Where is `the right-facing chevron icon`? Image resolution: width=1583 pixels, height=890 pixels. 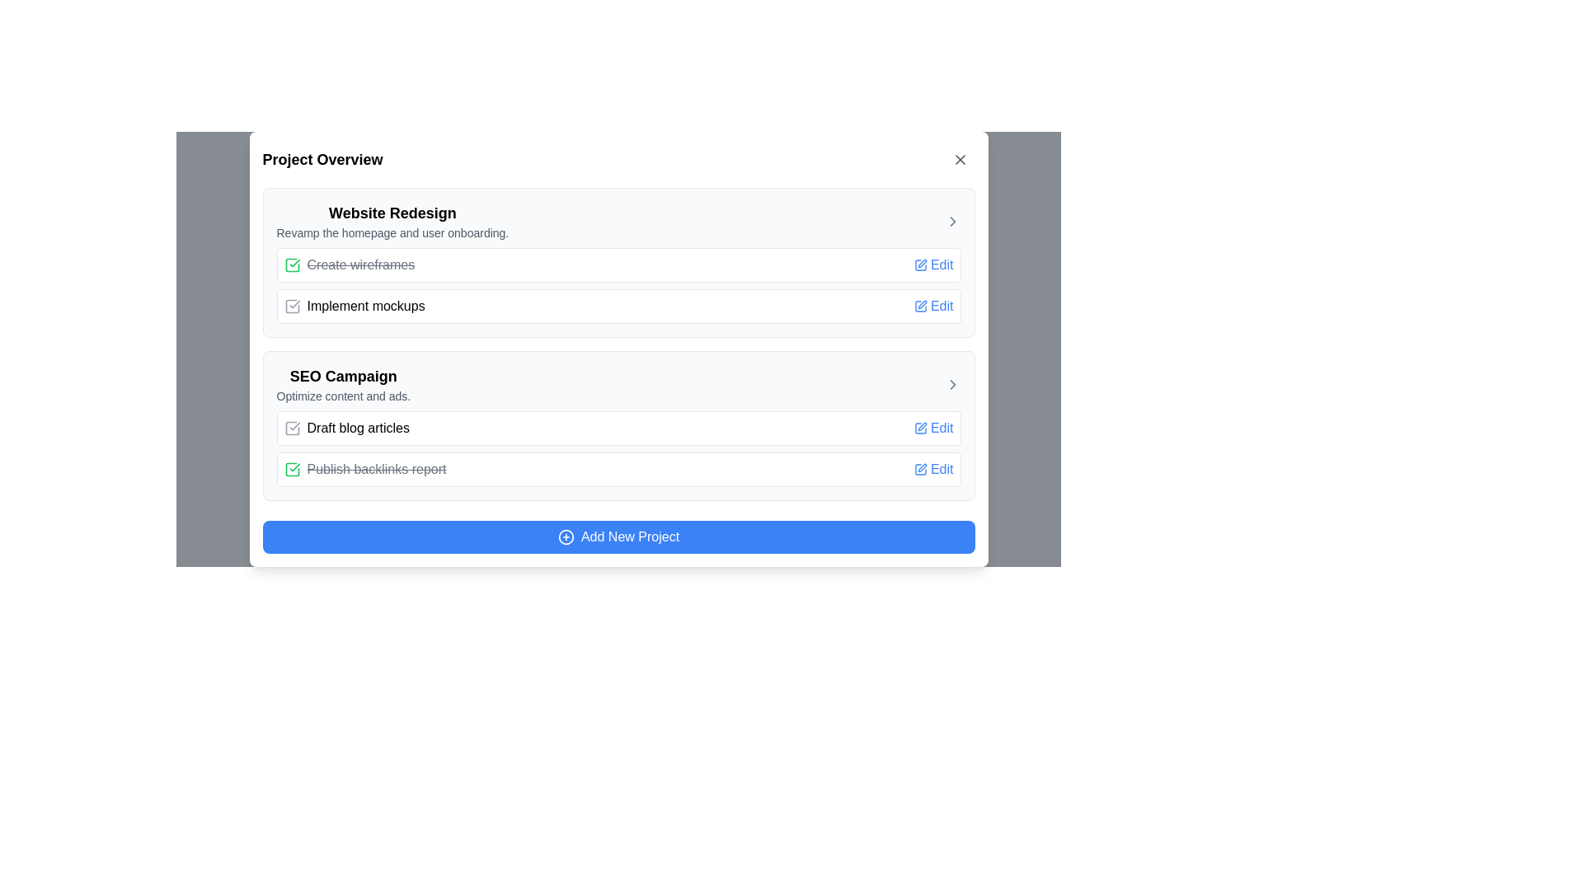 the right-facing chevron icon is located at coordinates (952, 384).